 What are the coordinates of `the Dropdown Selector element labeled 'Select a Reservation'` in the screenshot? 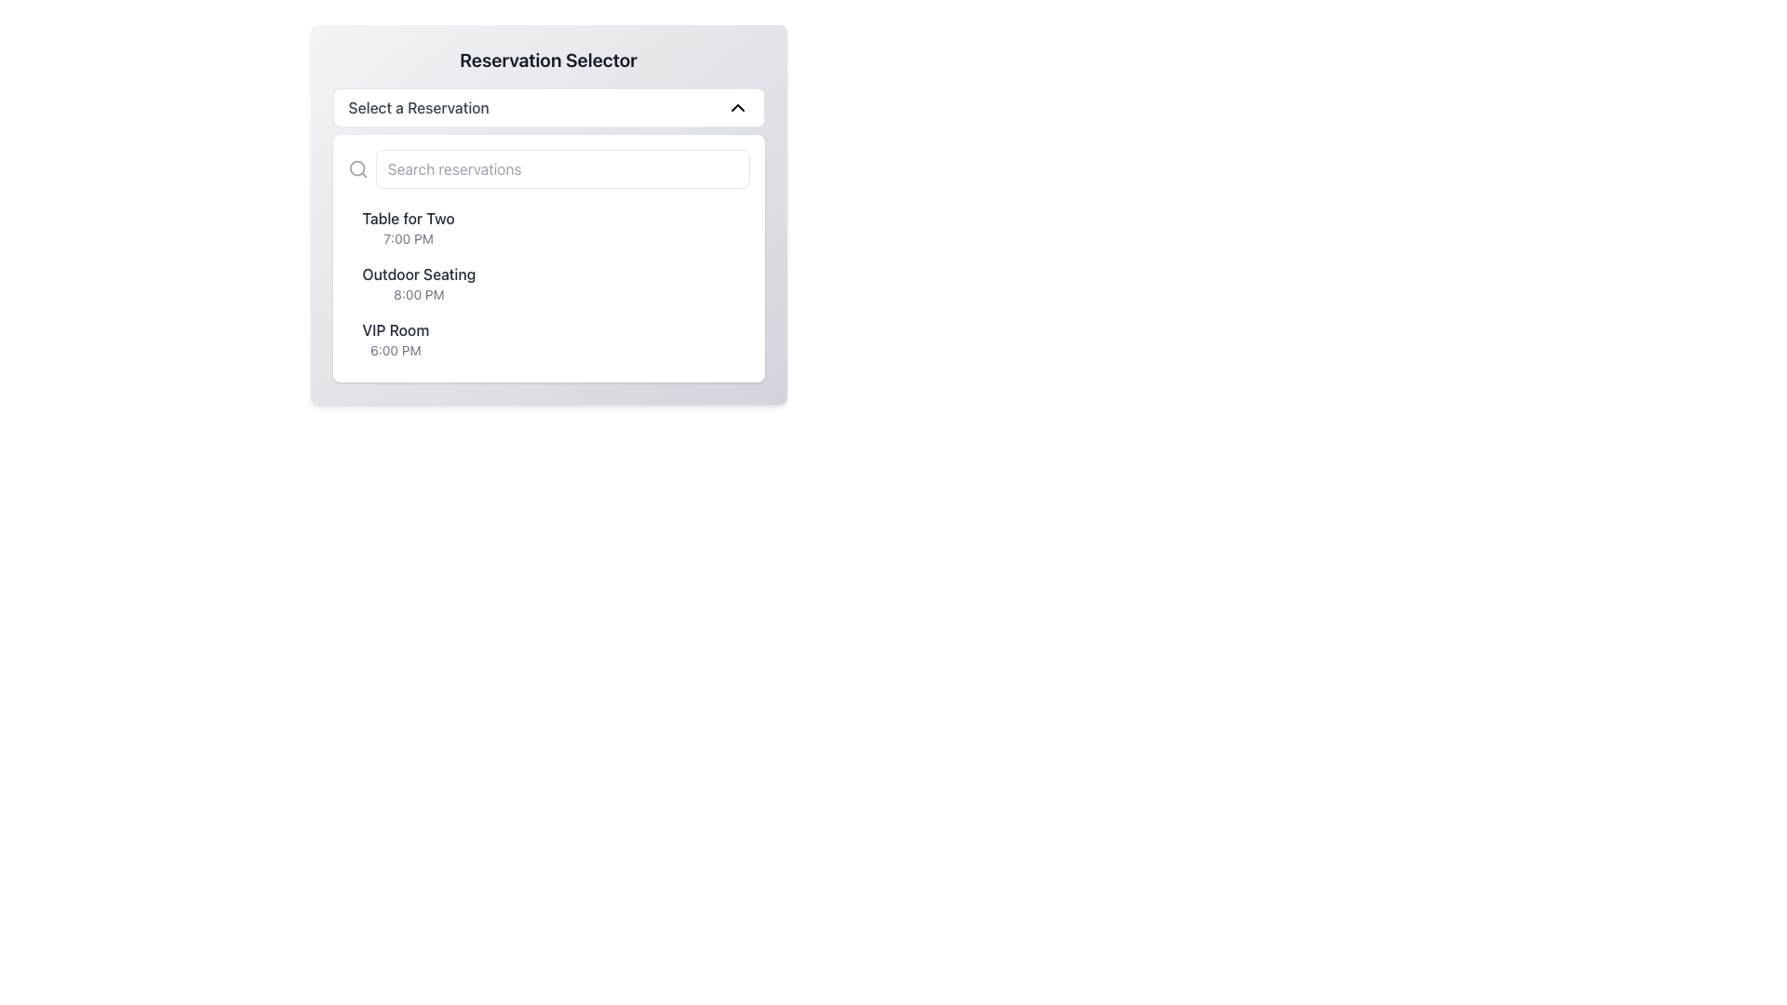 It's located at (547, 107).